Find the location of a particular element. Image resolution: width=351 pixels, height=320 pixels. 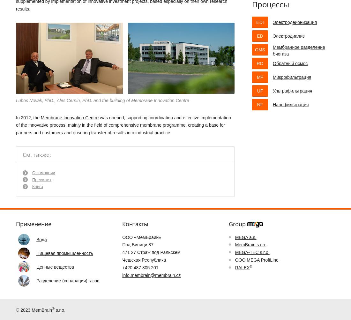

'Membrane Innovation Centre' is located at coordinates (70, 117).